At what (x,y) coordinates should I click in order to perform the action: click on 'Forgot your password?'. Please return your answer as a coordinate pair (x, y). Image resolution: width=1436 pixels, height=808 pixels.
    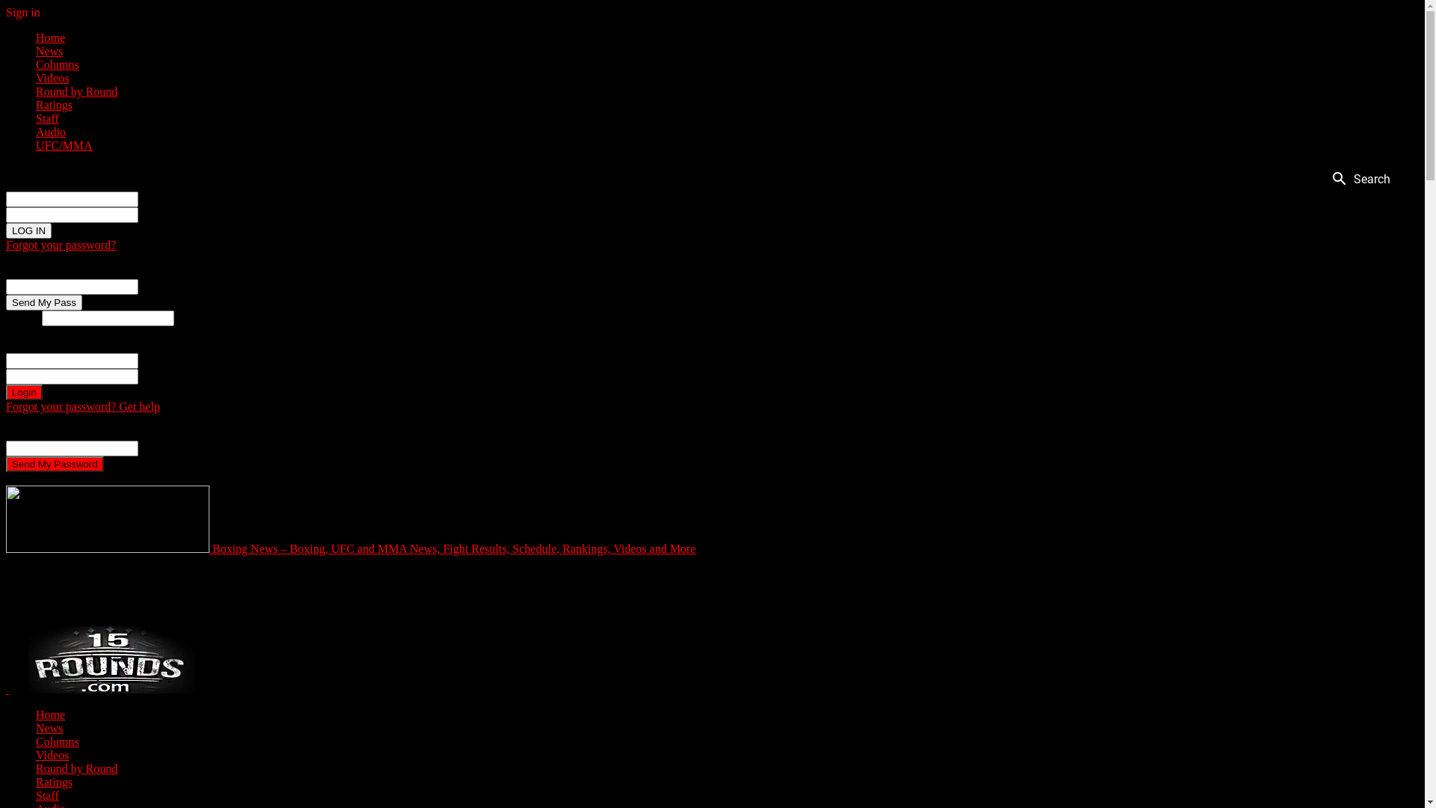
    Looking at the image, I should click on (6, 244).